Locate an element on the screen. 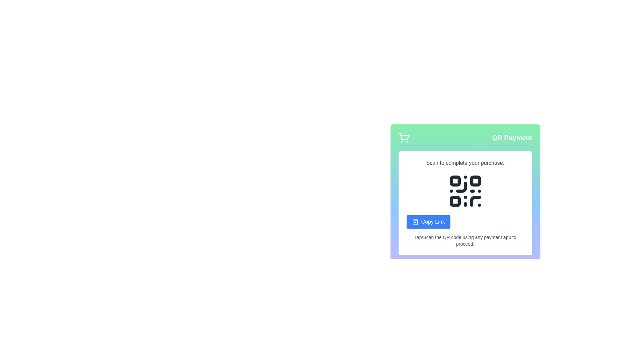 The width and height of the screenshot is (642, 361). the clipboard-shaped icon located to the left of the 'Copy Link' text within a blue button is located at coordinates (415, 222).